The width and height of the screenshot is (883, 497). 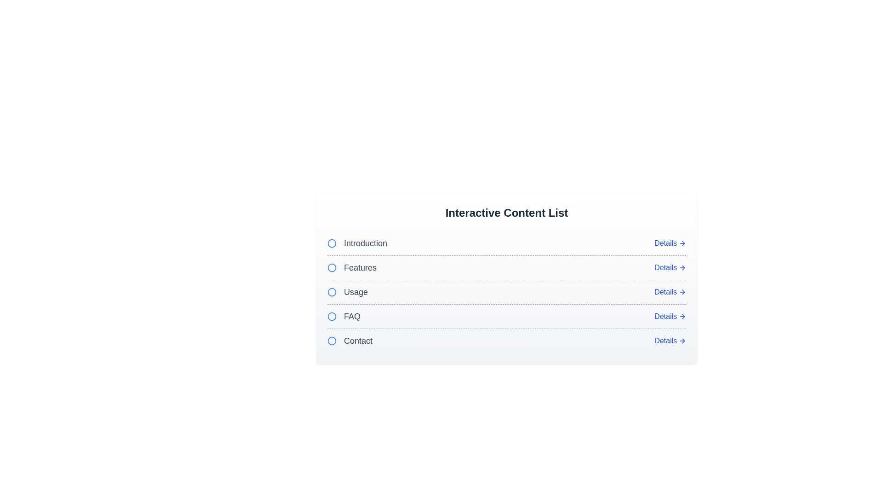 I want to click on the arrow icon located to the immediate right of the 'Details' text in the fifth row of the list, so click(x=682, y=243).